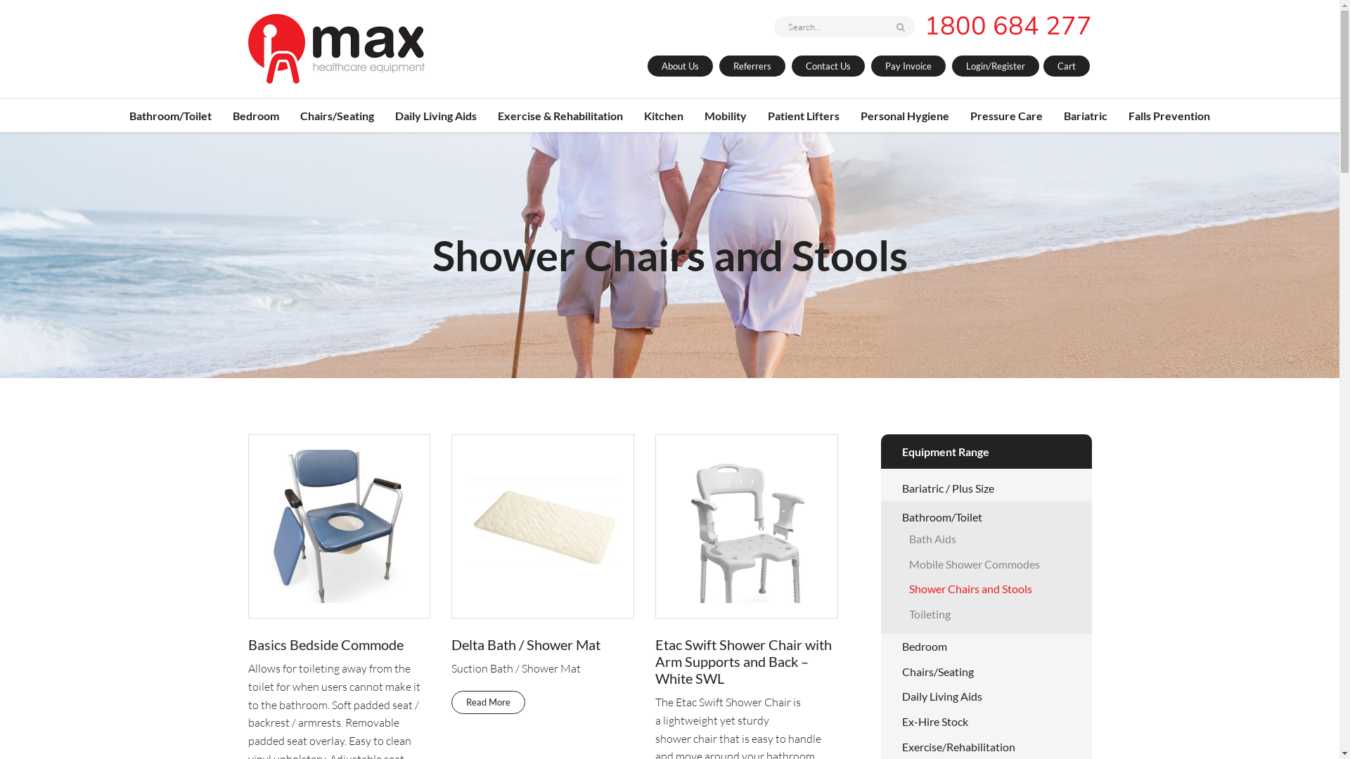 This screenshot has width=1350, height=759. Describe the element at coordinates (932, 538) in the screenshot. I see `'Bath Aids'` at that location.